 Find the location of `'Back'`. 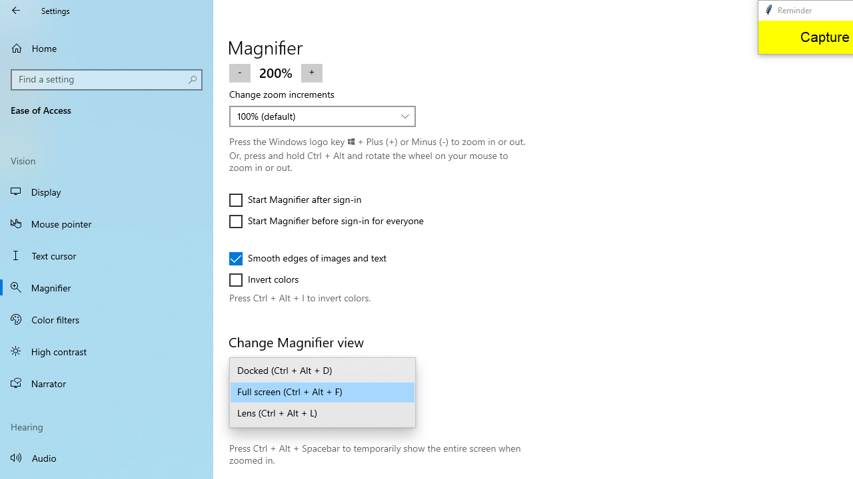

'Back' is located at coordinates (16, 10).